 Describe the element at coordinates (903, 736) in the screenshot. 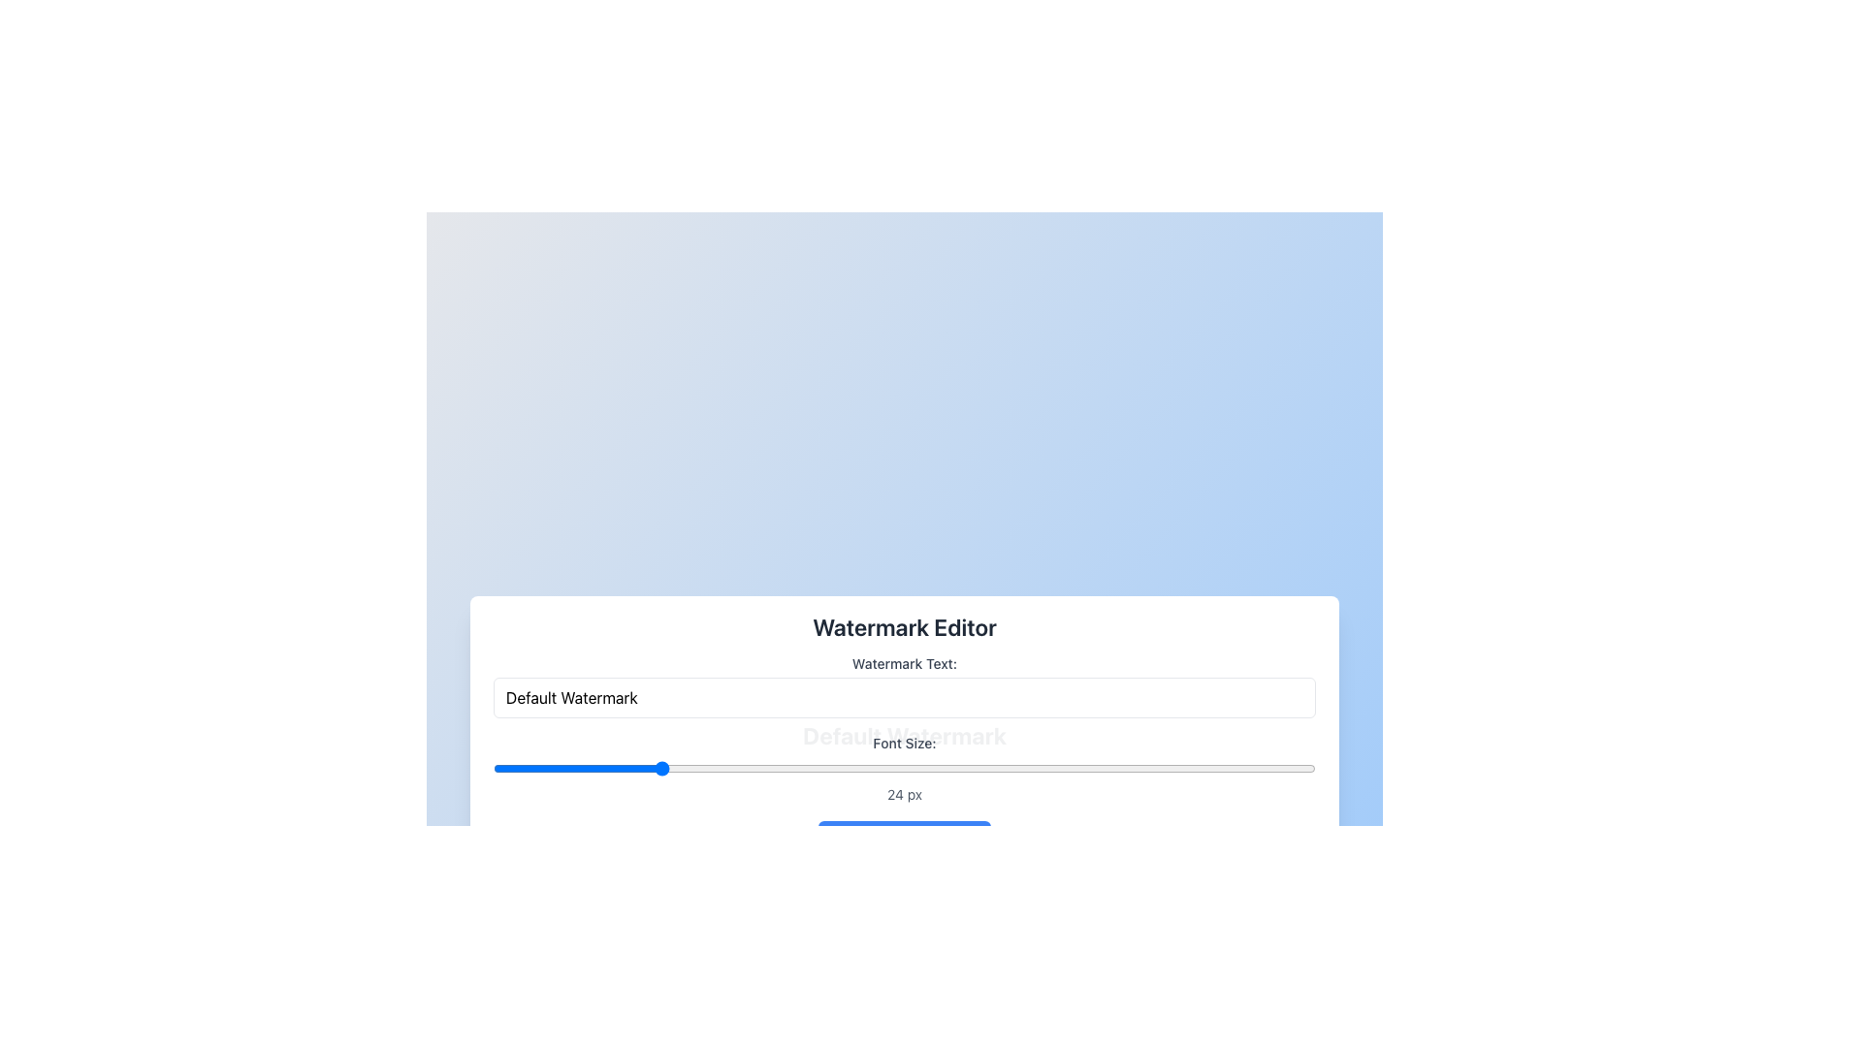

I see `the static text label displaying the default watermark text, which is centrally positioned below the 'Font Size:' label and aligns with sliders` at that location.